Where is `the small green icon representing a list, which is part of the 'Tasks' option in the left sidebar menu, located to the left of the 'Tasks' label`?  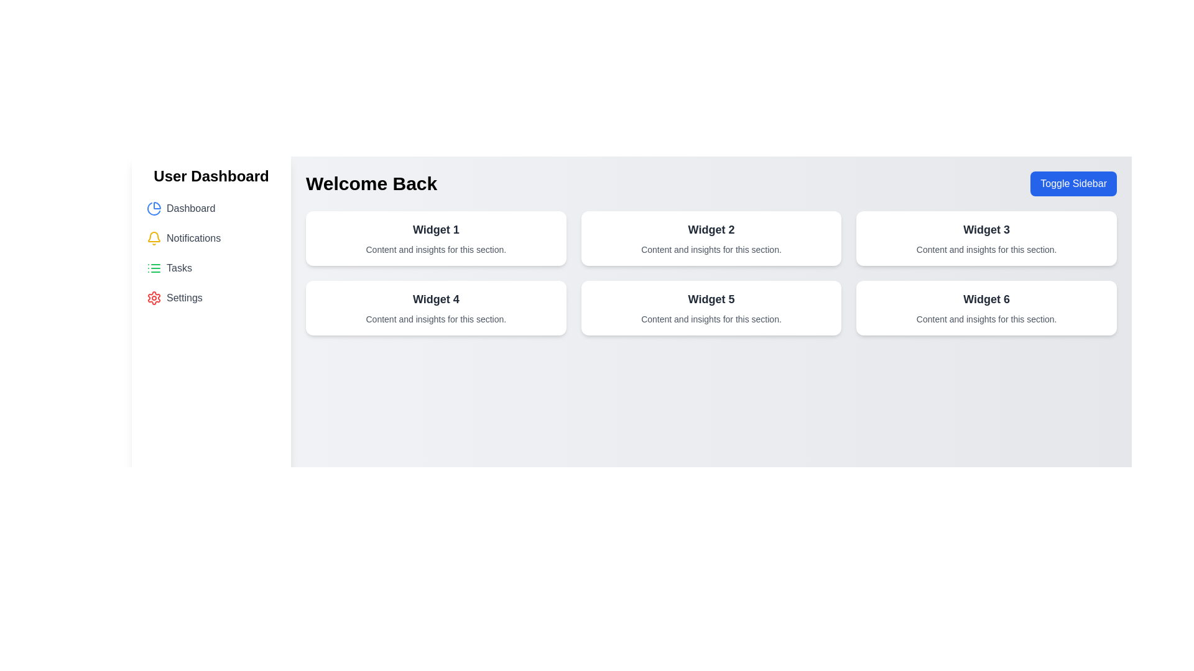 the small green icon representing a list, which is part of the 'Tasks' option in the left sidebar menu, located to the left of the 'Tasks' label is located at coordinates (154, 268).